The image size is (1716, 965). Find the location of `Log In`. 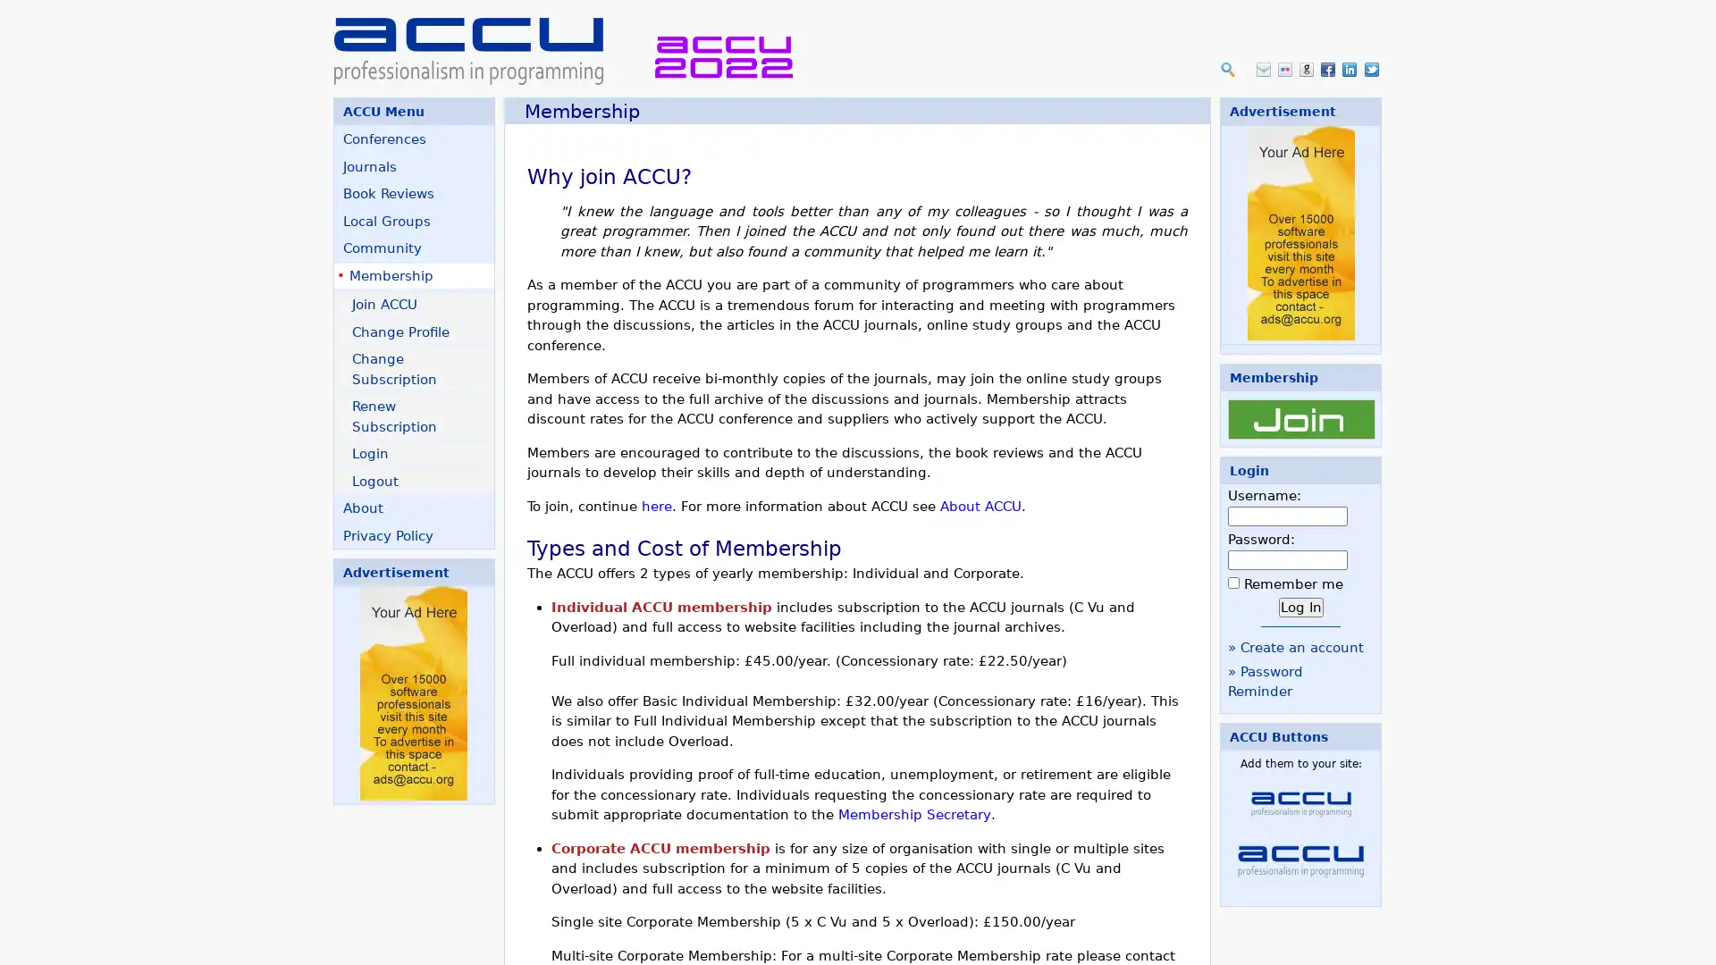

Log In is located at coordinates (1300, 606).